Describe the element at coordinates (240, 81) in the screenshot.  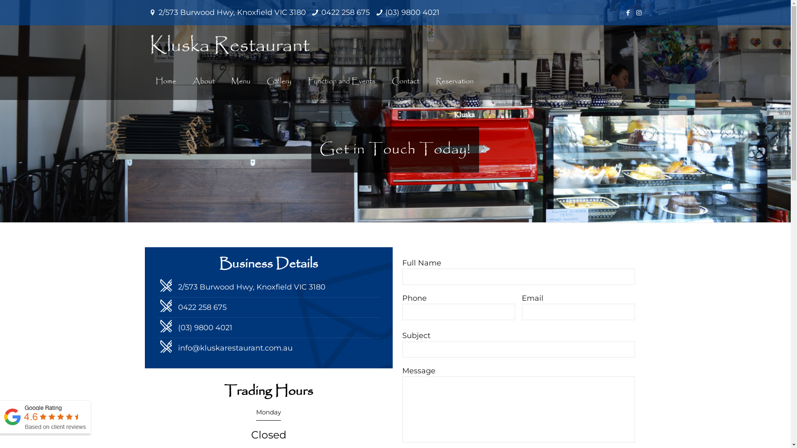
I see `'Menu'` at that location.